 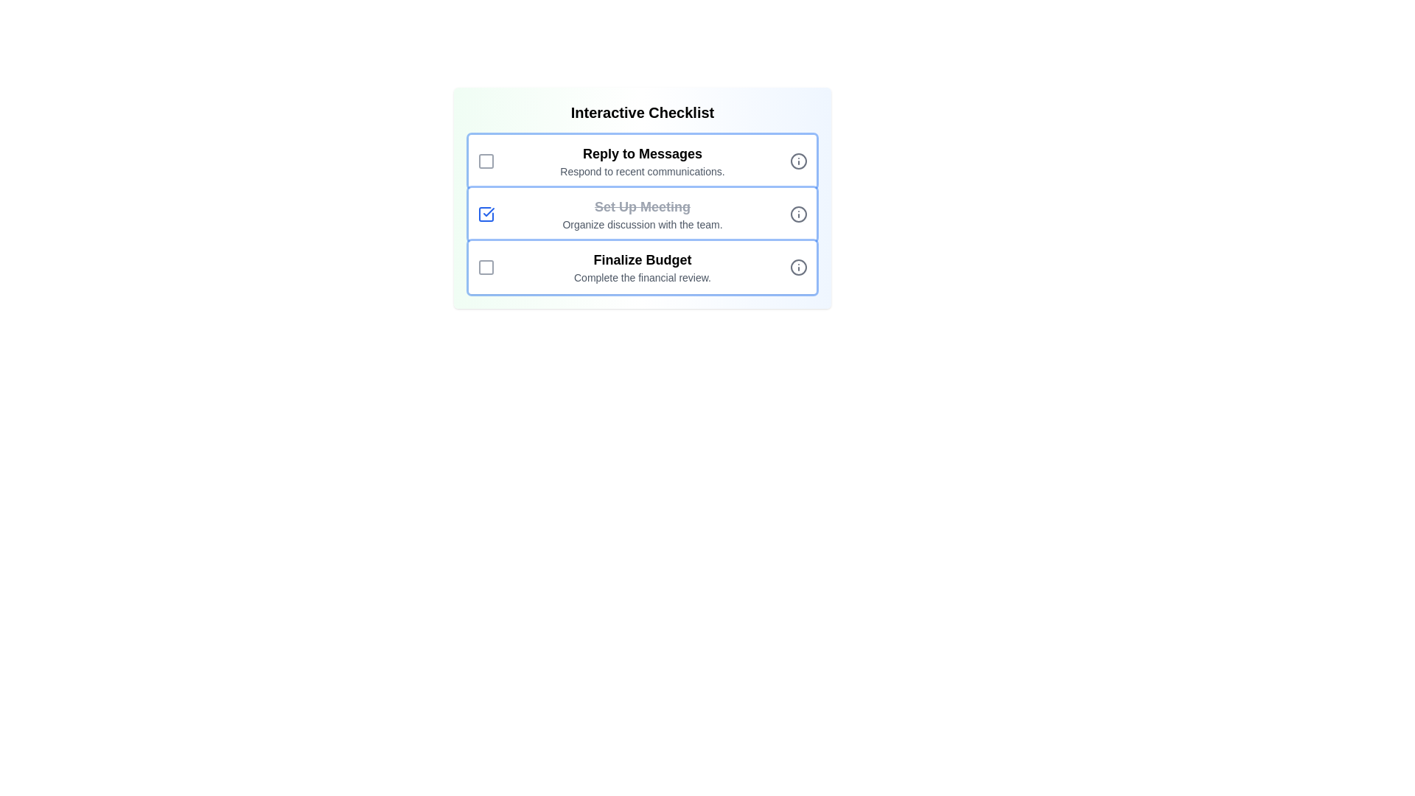 I want to click on the task title to view its details, so click(x=643, y=153).